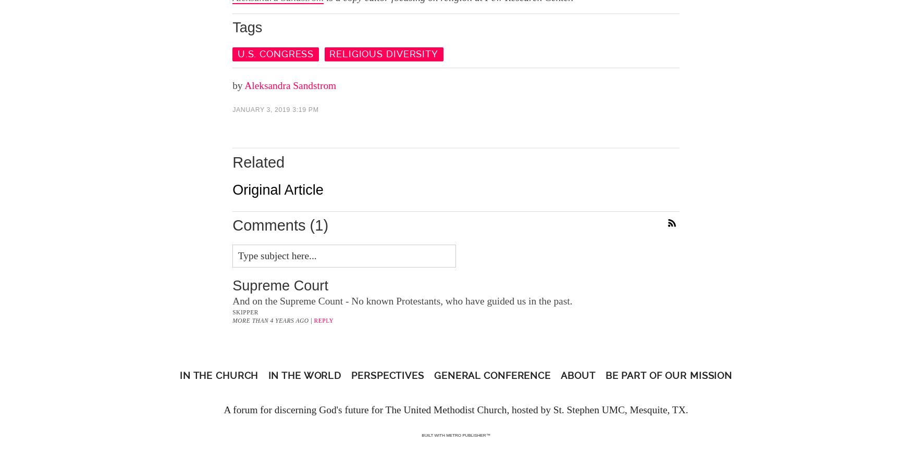 This screenshot has width=912, height=470. I want to click on 'Metro Publisher™', so click(467, 435).